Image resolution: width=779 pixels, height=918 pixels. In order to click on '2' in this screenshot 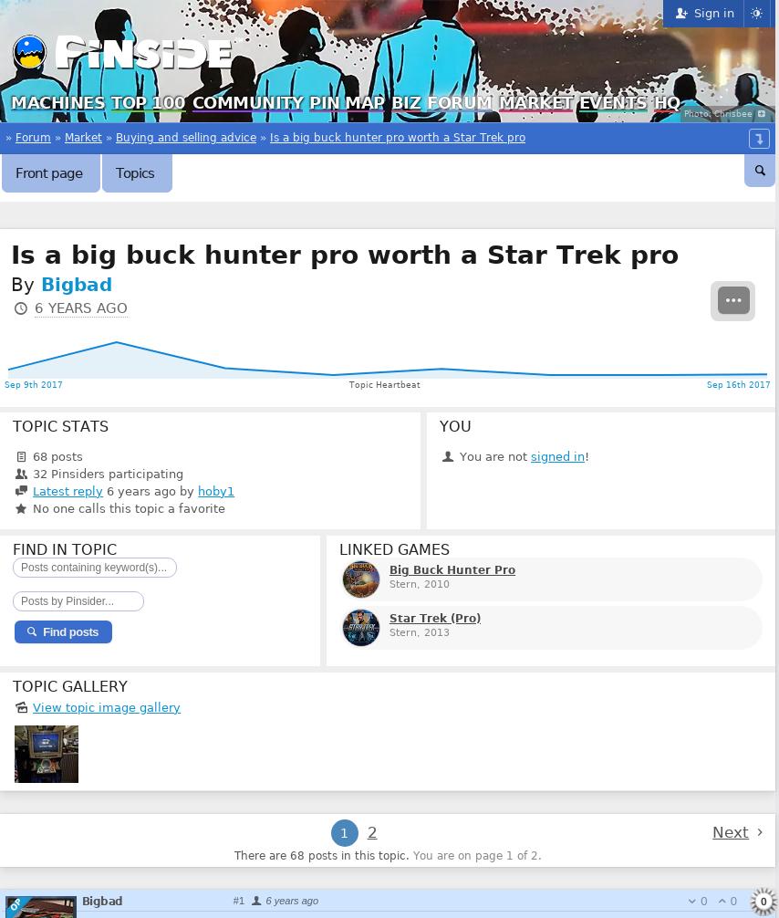, I will do `click(371, 831)`.